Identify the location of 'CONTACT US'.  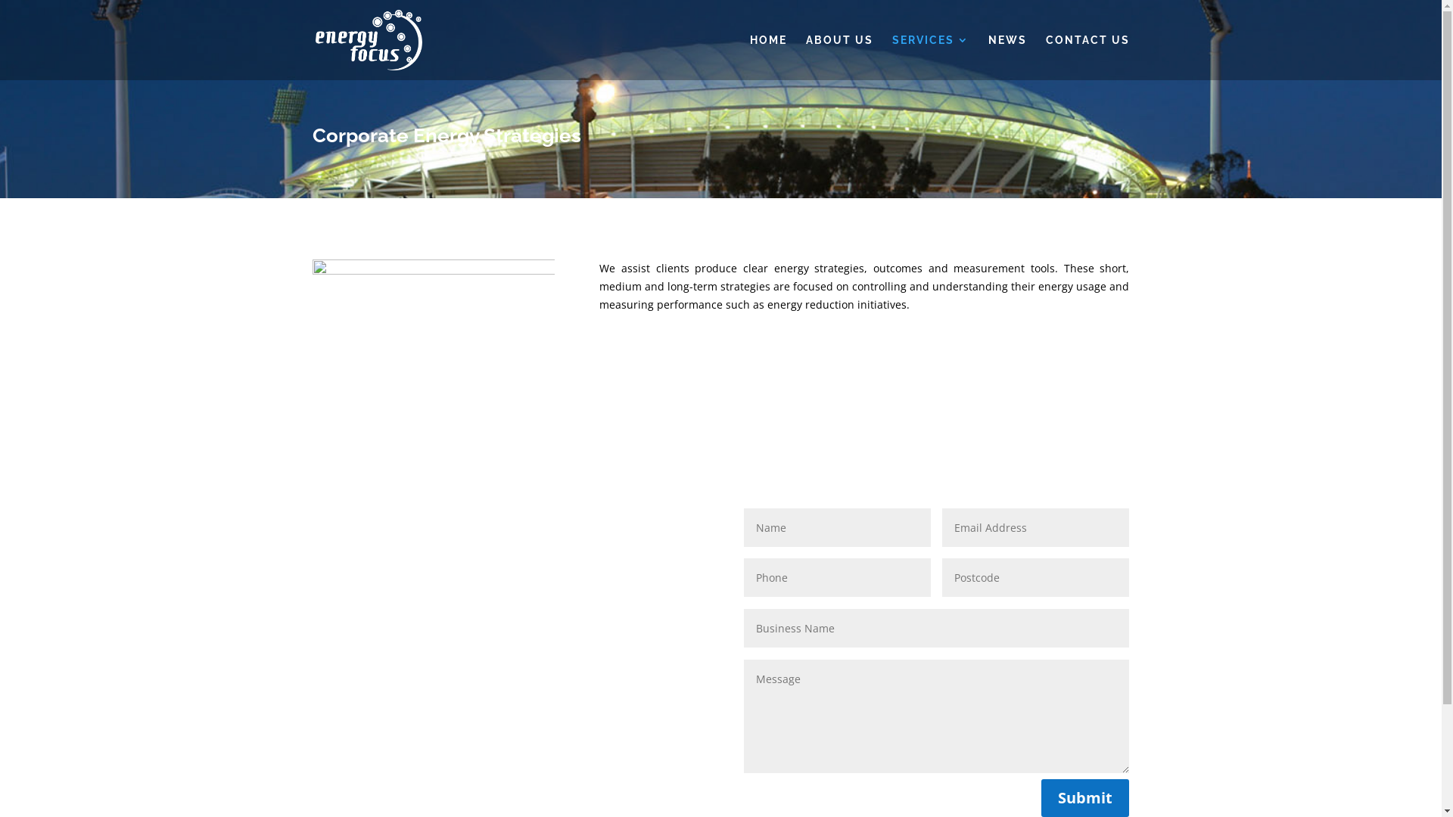
(1045, 57).